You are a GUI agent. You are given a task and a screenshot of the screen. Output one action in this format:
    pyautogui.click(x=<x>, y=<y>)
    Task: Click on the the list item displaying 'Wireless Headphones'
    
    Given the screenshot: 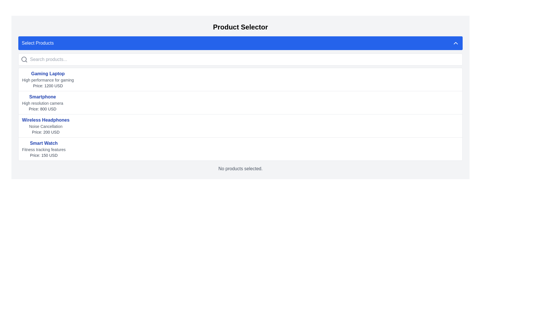 What is the action you would take?
    pyautogui.click(x=240, y=125)
    